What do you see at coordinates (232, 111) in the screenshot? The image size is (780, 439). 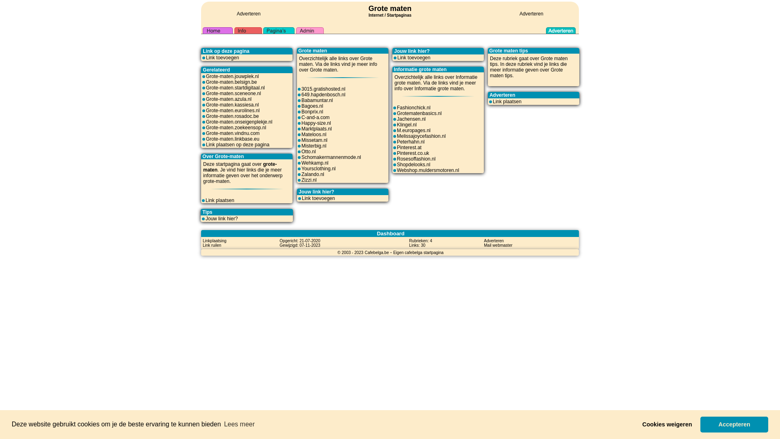 I see `'Grote-maten.eurolines.nl'` at bounding box center [232, 111].